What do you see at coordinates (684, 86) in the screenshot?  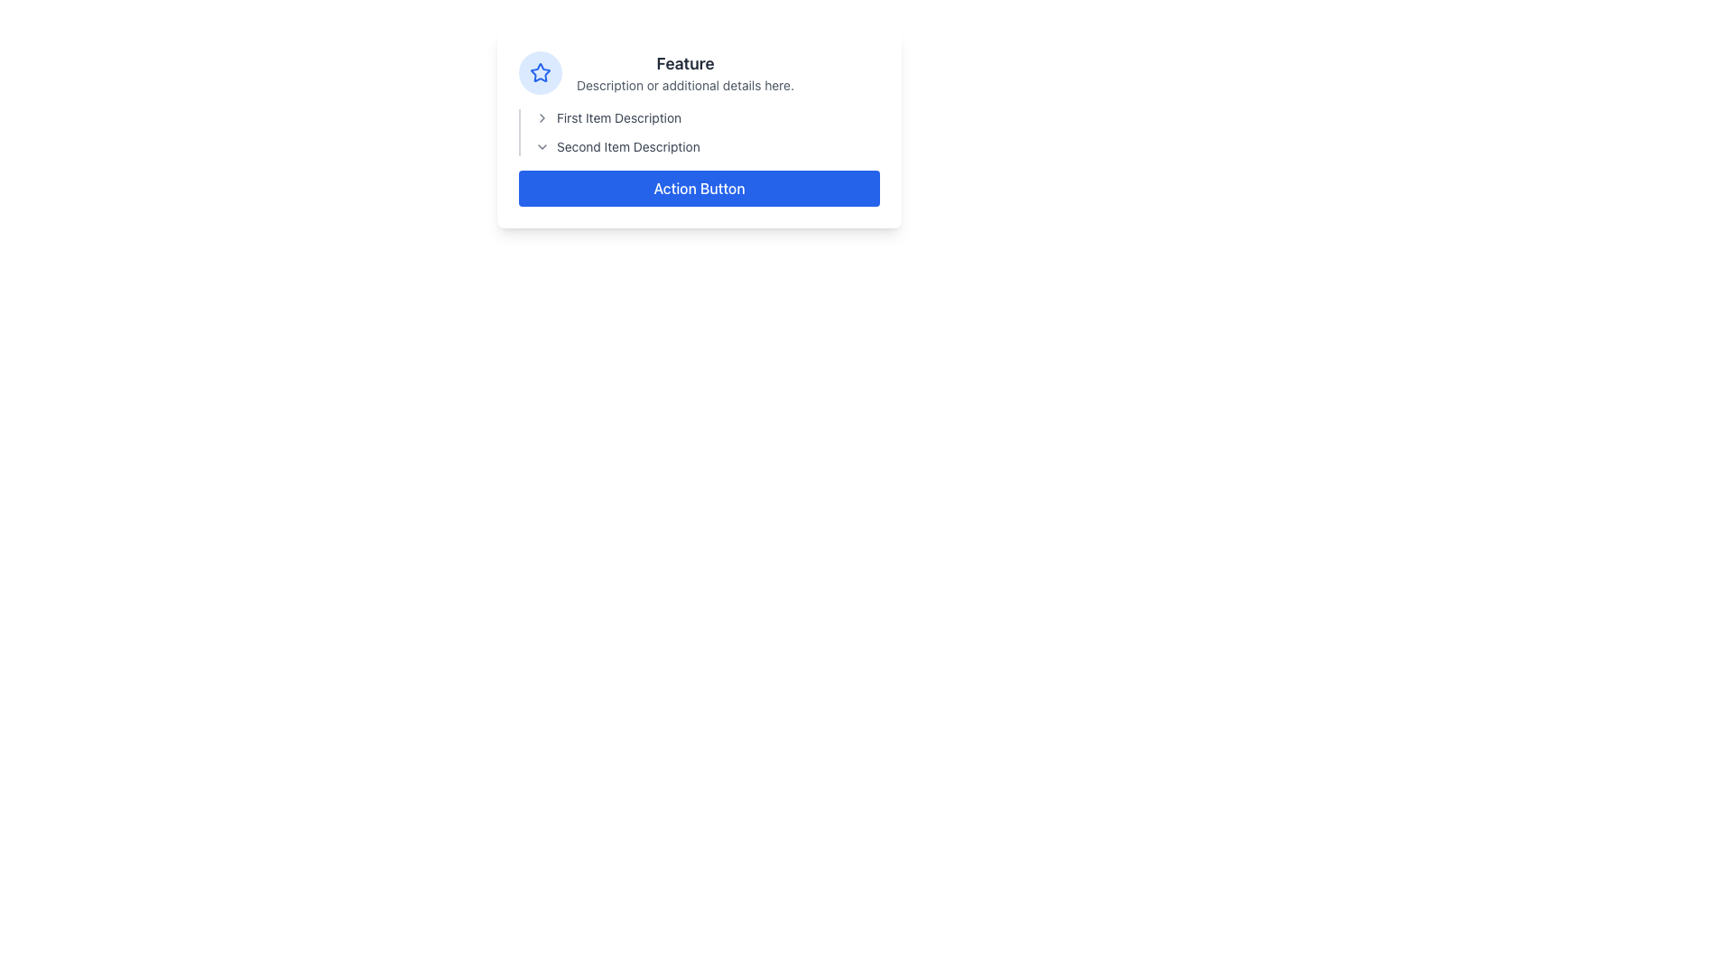 I see `descriptive text block located immediately beneath the heading labeled 'Feature' within the card-like layout` at bounding box center [684, 86].